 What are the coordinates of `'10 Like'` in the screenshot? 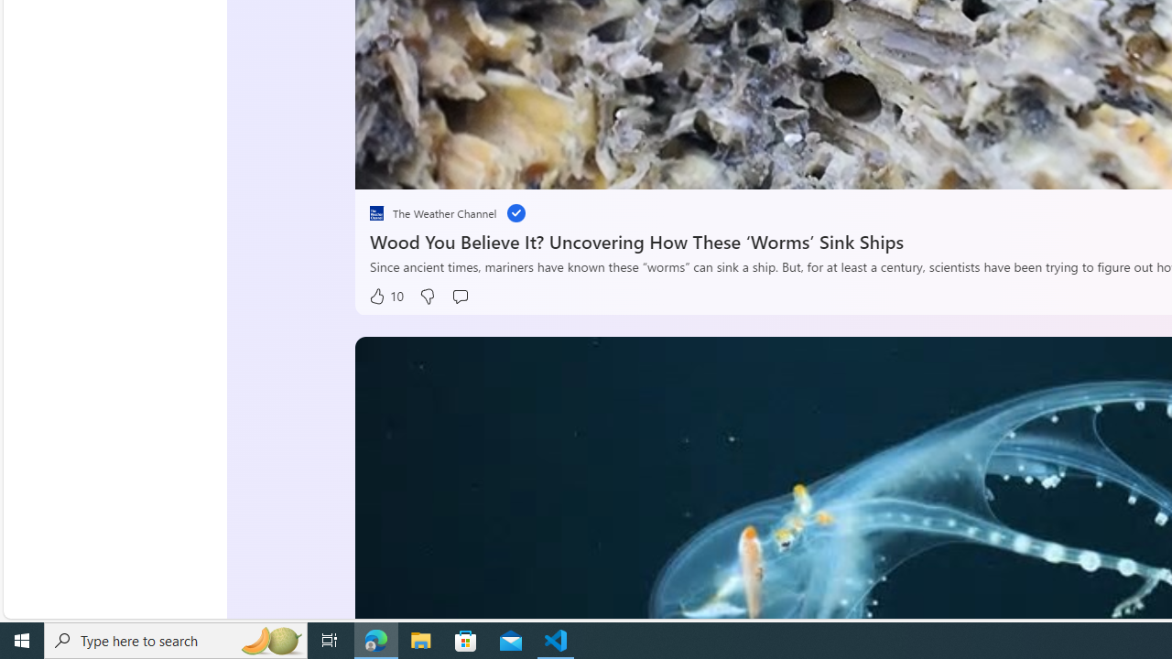 It's located at (385, 296).